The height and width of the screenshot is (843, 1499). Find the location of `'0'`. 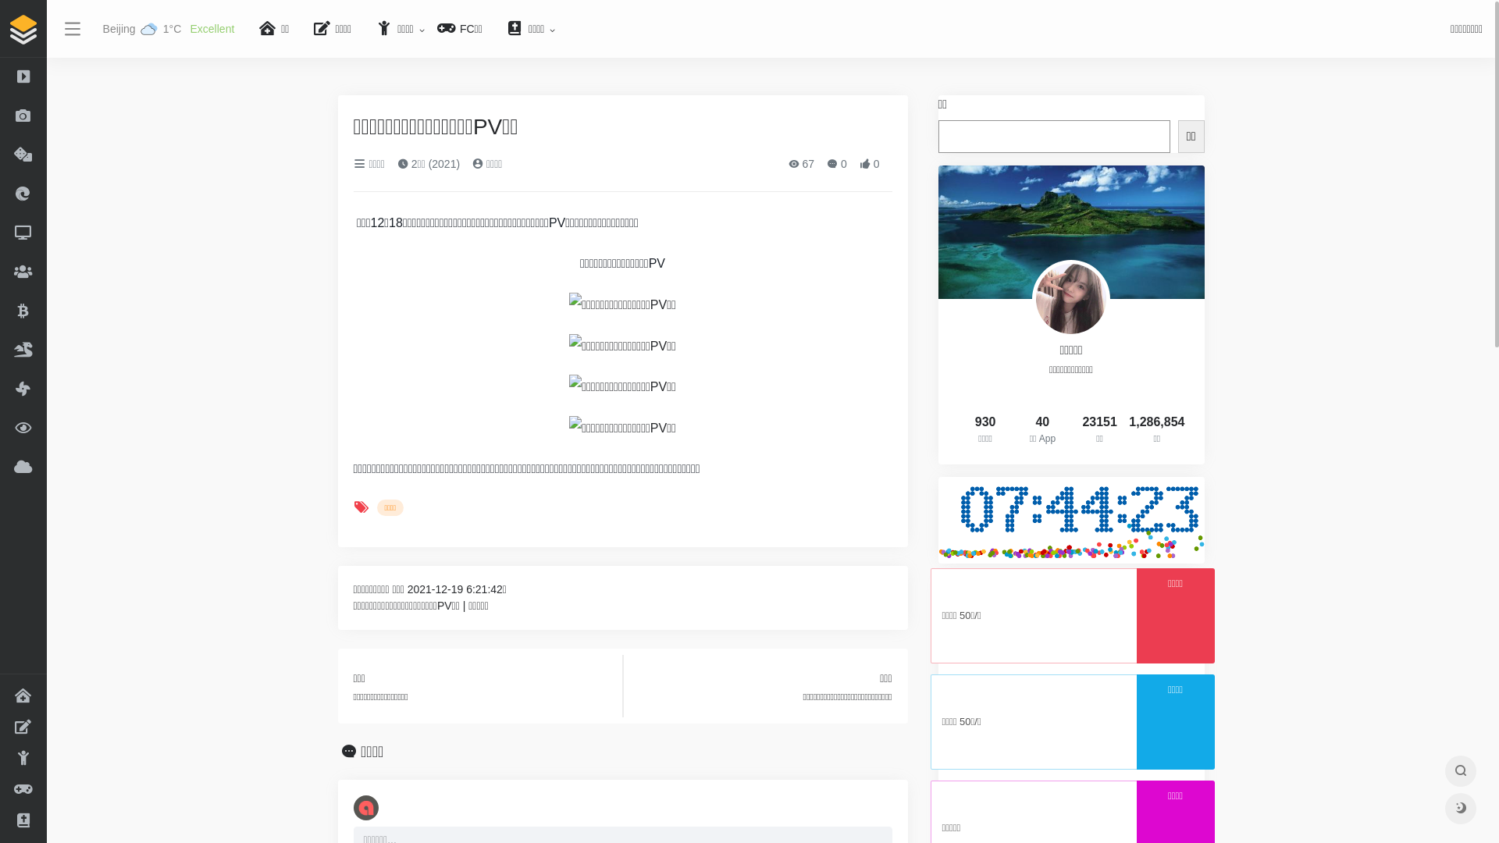

'0' is located at coordinates (868, 163).